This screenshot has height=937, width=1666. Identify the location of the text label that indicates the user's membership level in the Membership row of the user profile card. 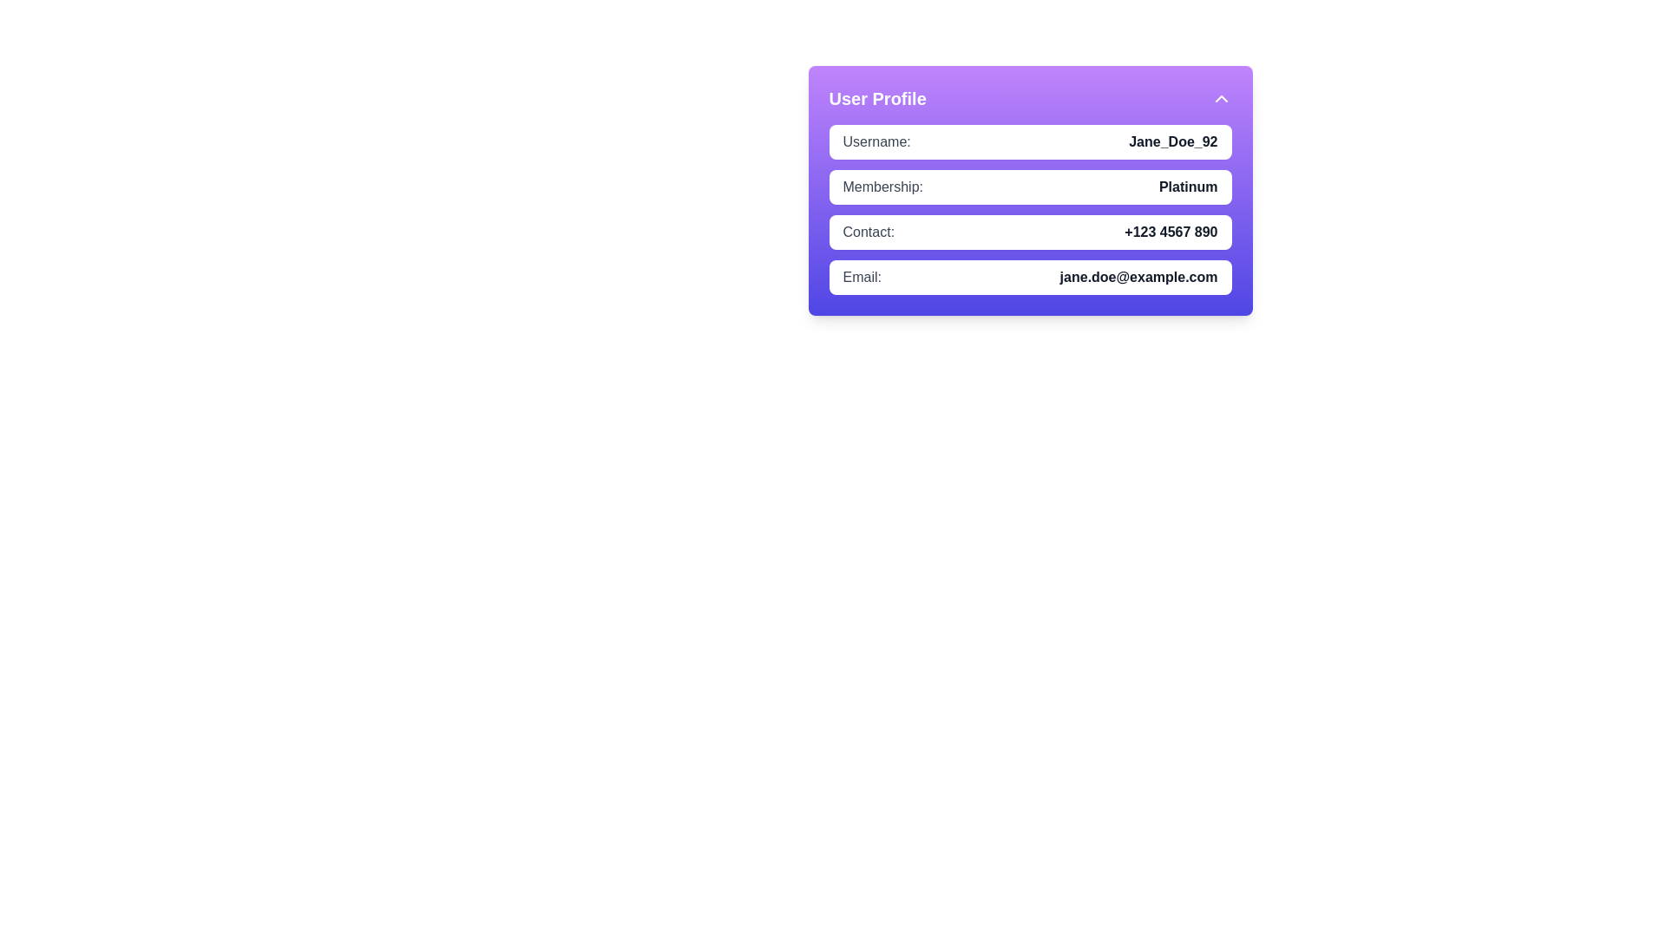
(882, 187).